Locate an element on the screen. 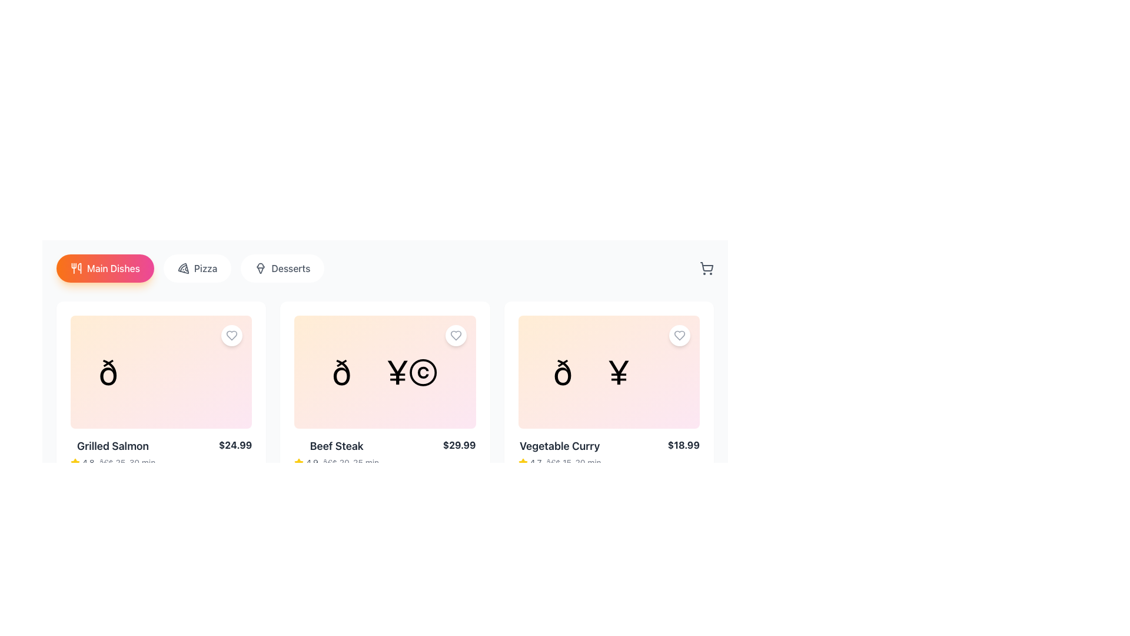 This screenshot has height=636, width=1130. the dessert navigation button, which is the third button in a horizontal group is located at coordinates (282, 268).